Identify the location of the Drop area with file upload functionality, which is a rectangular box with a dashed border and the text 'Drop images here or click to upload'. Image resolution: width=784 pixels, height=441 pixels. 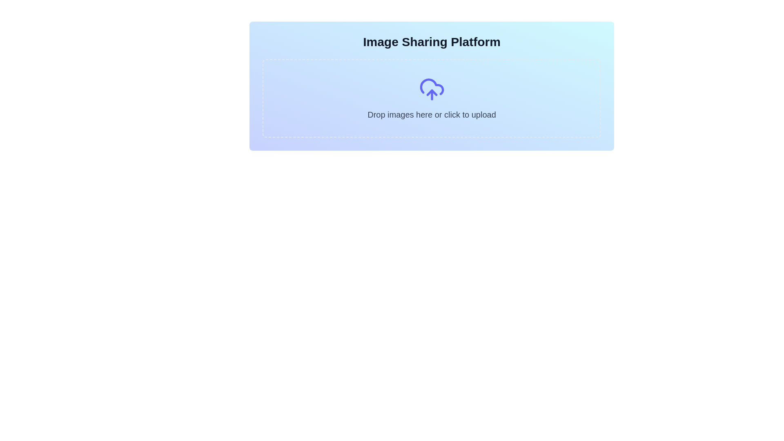
(431, 98).